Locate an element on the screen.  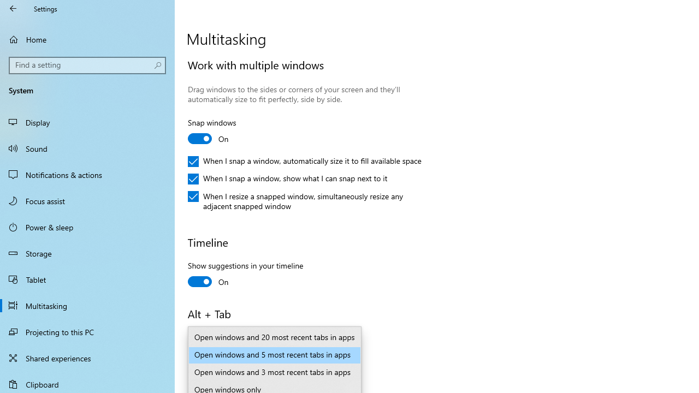
'When I snap a window, show what I can snap next to it' is located at coordinates (288, 178).